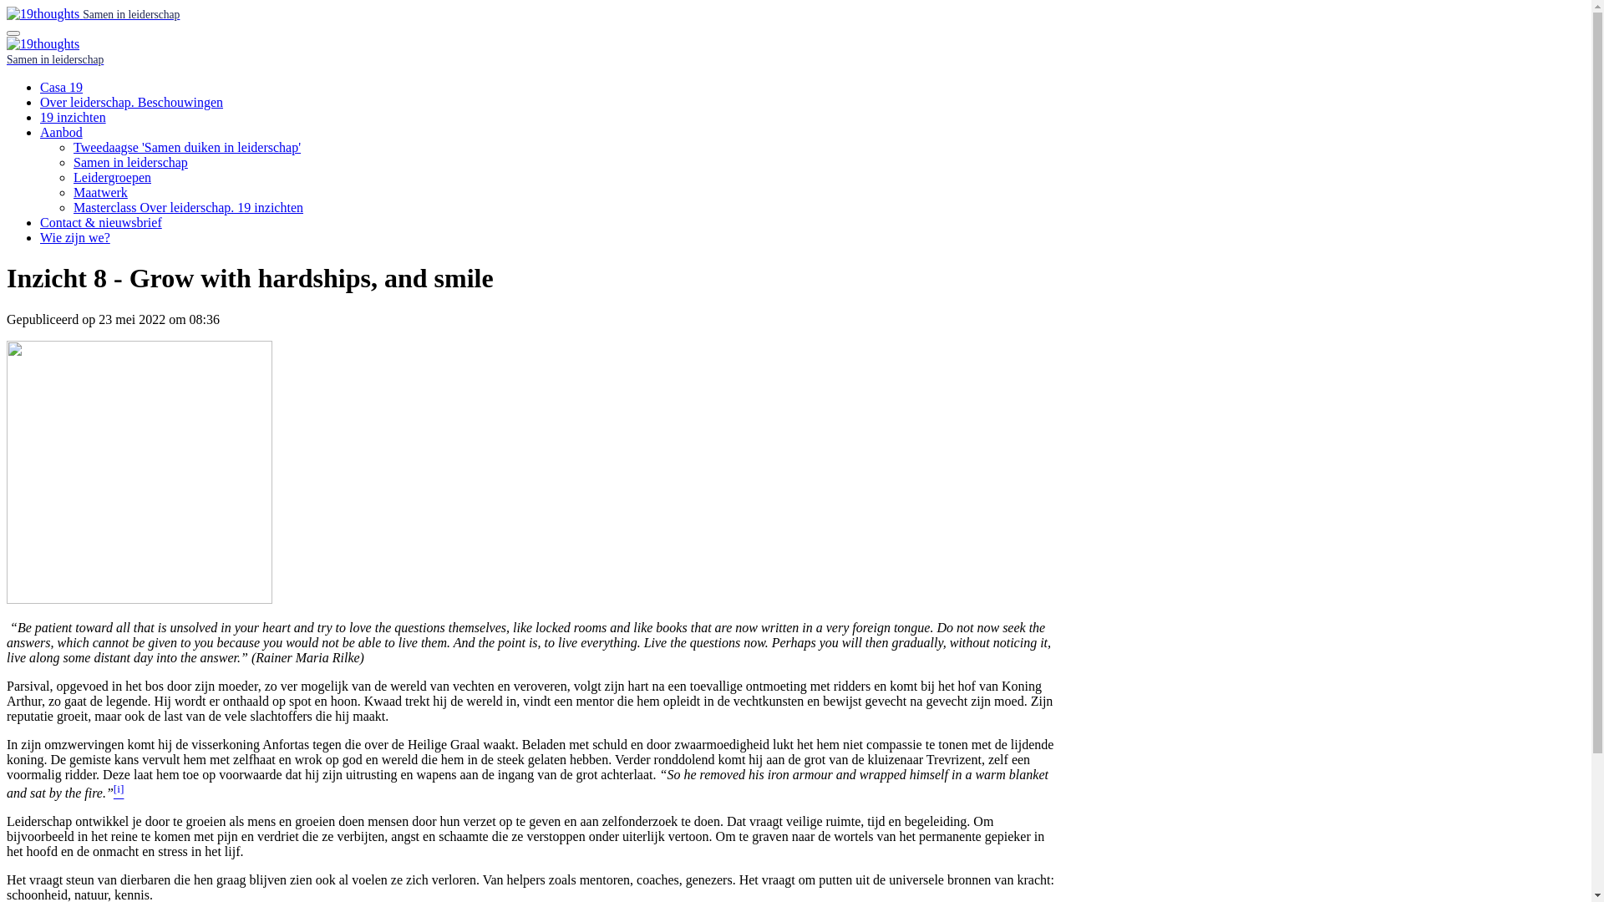 Image resolution: width=1604 pixels, height=902 pixels. Describe the element at coordinates (40, 131) in the screenshot. I see `'Aanbod'` at that location.